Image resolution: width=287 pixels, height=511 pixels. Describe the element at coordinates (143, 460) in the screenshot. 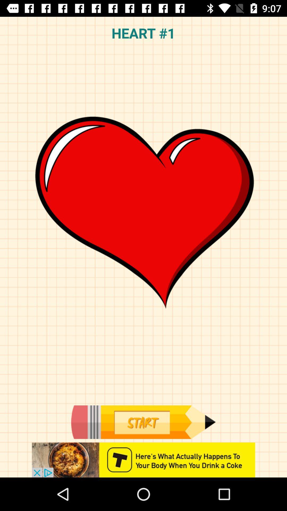

I see `its a advertisement` at that location.